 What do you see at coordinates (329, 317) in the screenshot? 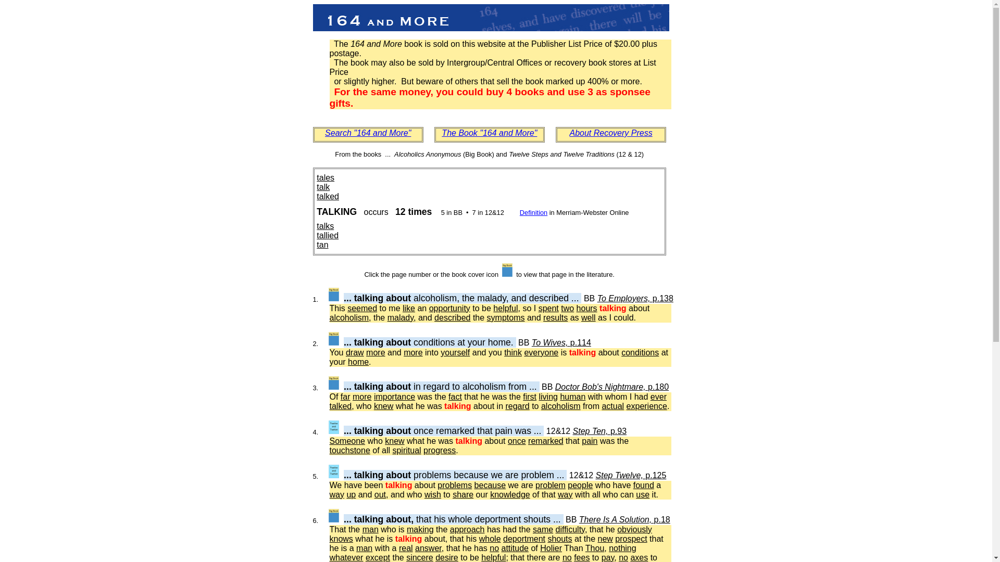
I see `'alcoholism'` at bounding box center [329, 317].